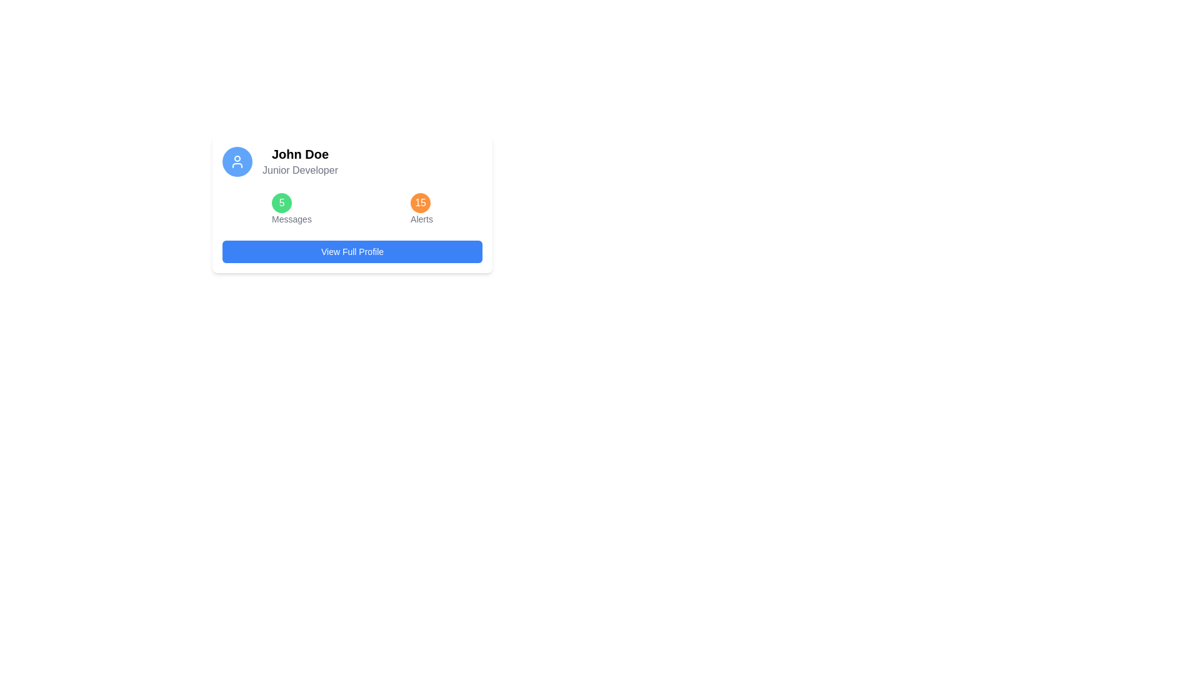  What do you see at coordinates (300, 171) in the screenshot?
I see `the 'Junior Developer' label, which is displayed in a gray font below the name 'John Doe' within the user profile card` at bounding box center [300, 171].